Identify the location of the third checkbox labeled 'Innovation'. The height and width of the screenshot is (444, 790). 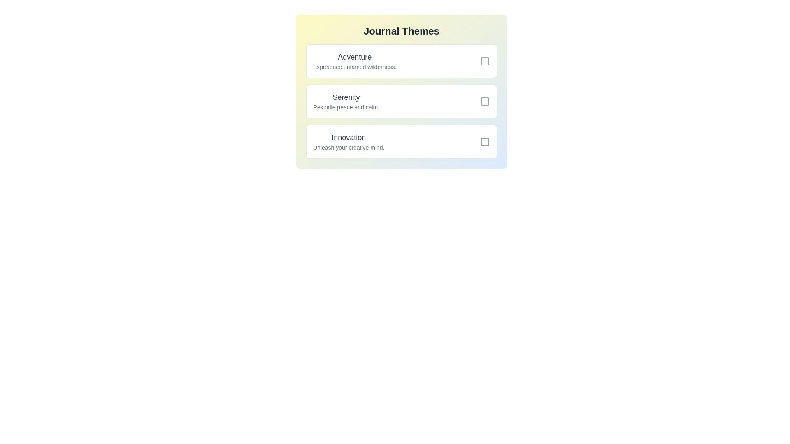
(485, 141).